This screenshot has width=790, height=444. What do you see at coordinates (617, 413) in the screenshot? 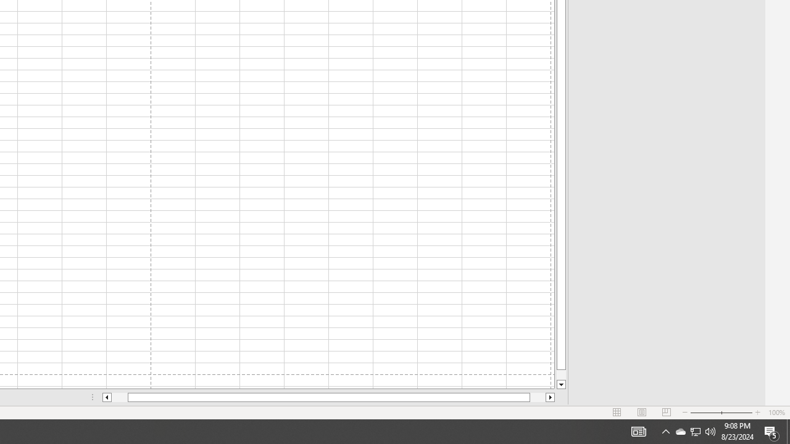
I see `'Normal'` at bounding box center [617, 413].